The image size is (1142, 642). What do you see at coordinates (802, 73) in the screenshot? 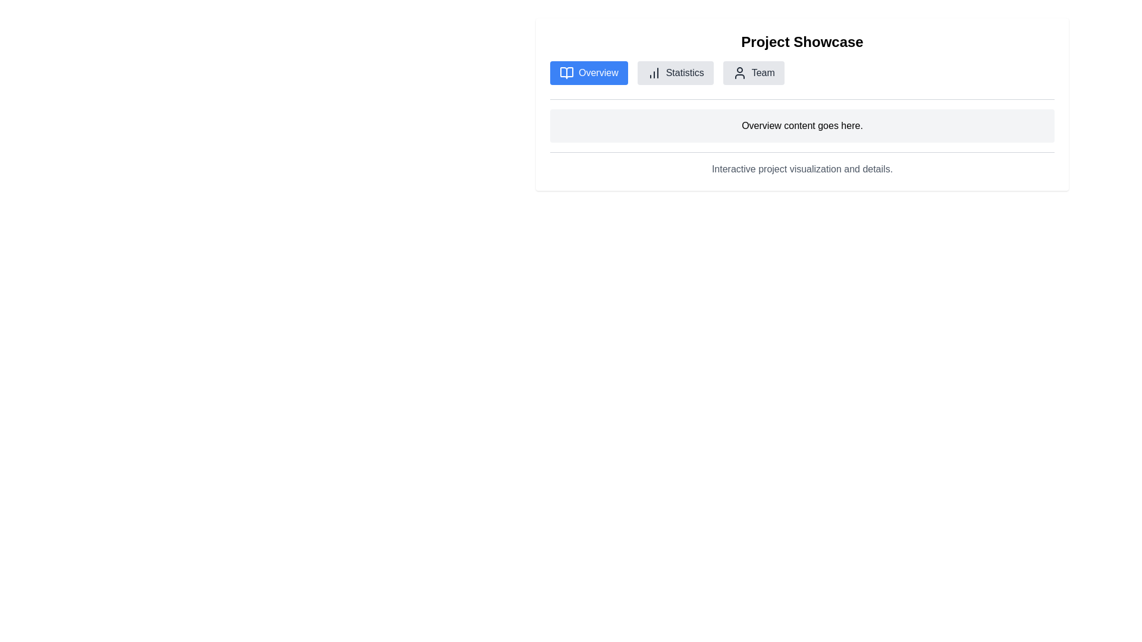
I see `the navigation item in the navigation bar to switch views between 'Overview', 'Statistics', and 'Team'` at bounding box center [802, 73].